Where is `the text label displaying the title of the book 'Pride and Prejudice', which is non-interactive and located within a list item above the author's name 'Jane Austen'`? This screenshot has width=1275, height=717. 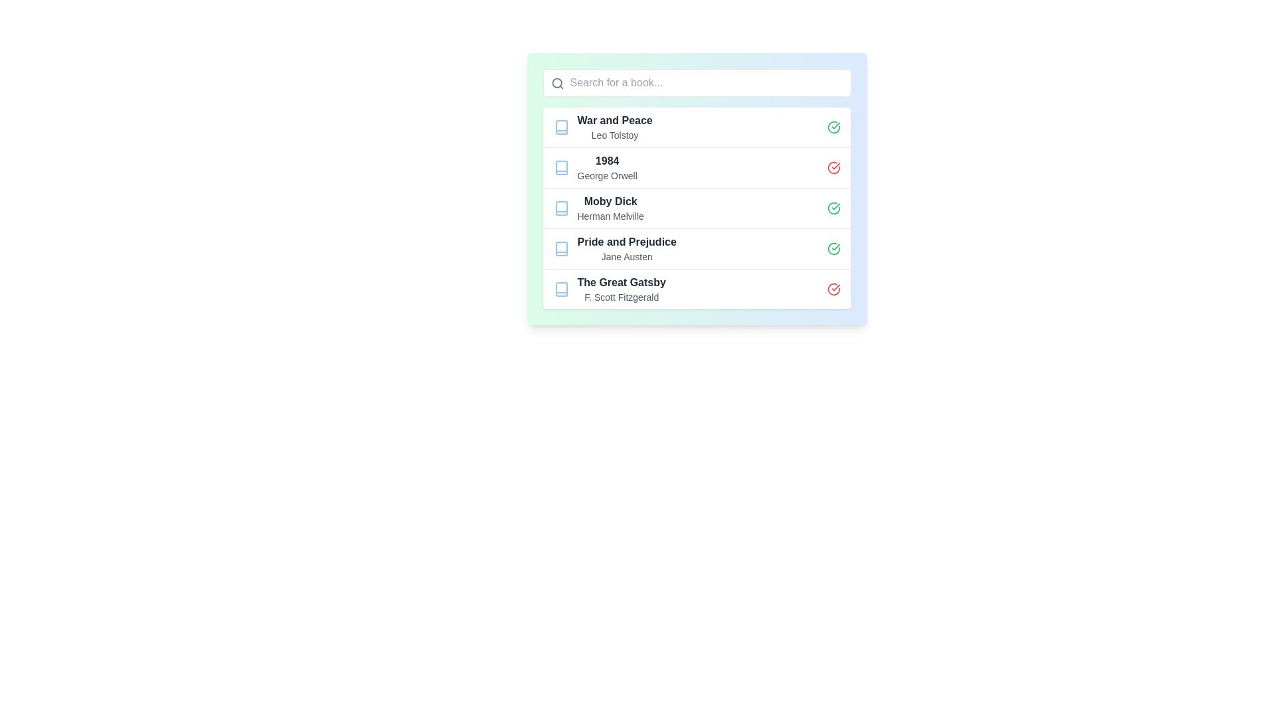 the text label displaying the title of the book 'Pride and Prejudice', which is non-interactive and located within a list item above the author's name 'Jane Austen' is located at coordinates (626, 242).